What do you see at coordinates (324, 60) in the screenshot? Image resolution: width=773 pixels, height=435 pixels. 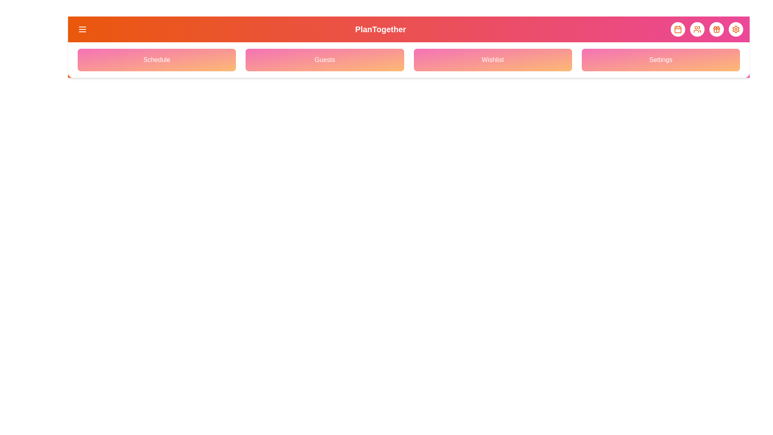 I see `the navigation menu option Guests` at bounding box center [324, 60].